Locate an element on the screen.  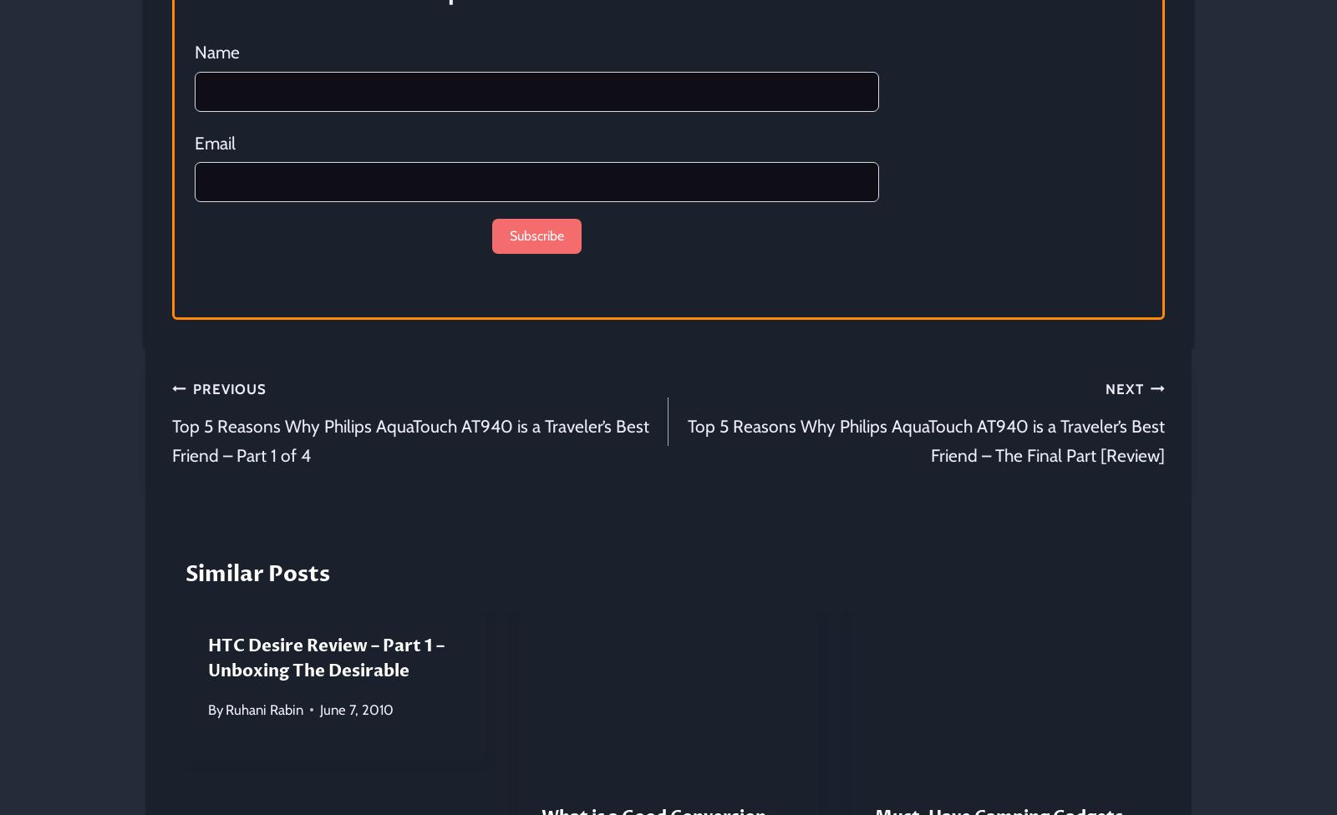
'By' is located at coordinates (216, 709).